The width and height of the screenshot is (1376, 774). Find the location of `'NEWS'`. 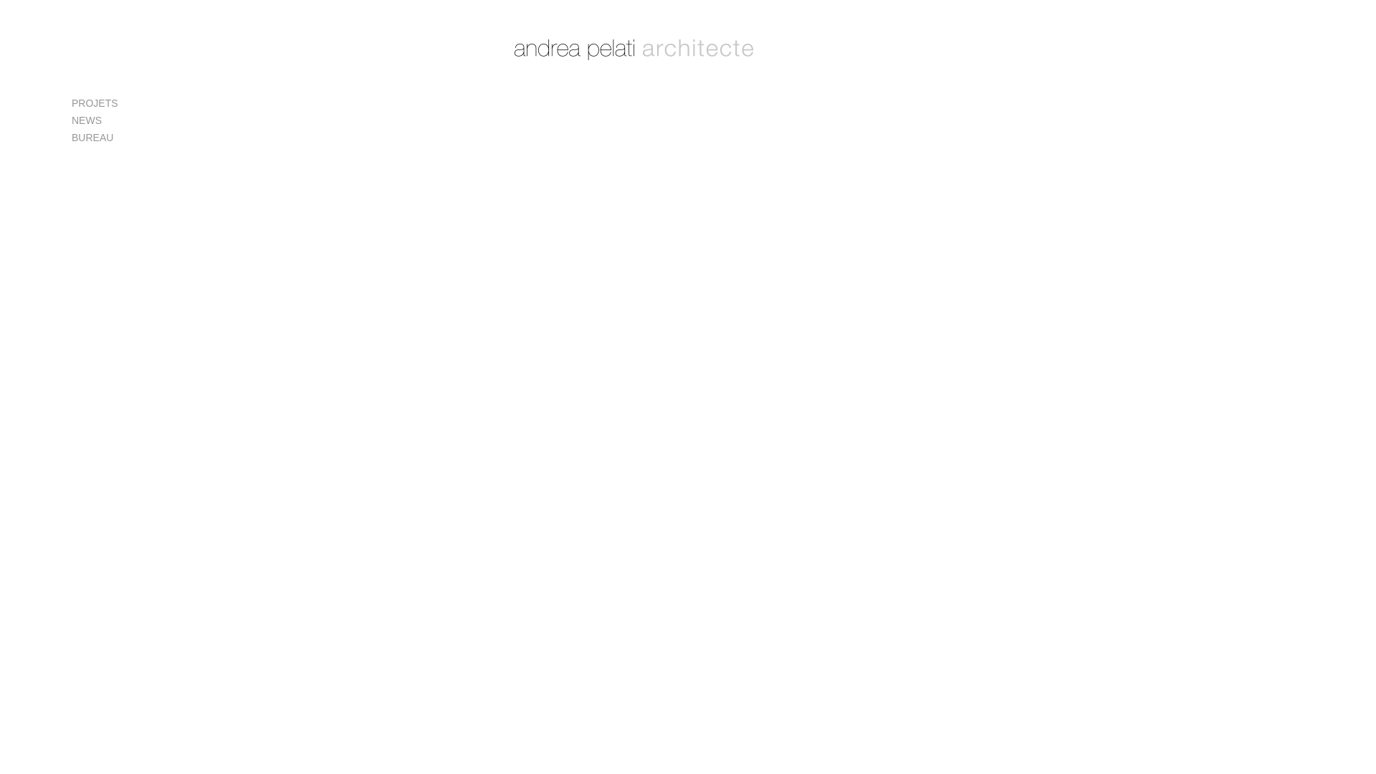

'NEWS' is located at coordinates (127, 120).